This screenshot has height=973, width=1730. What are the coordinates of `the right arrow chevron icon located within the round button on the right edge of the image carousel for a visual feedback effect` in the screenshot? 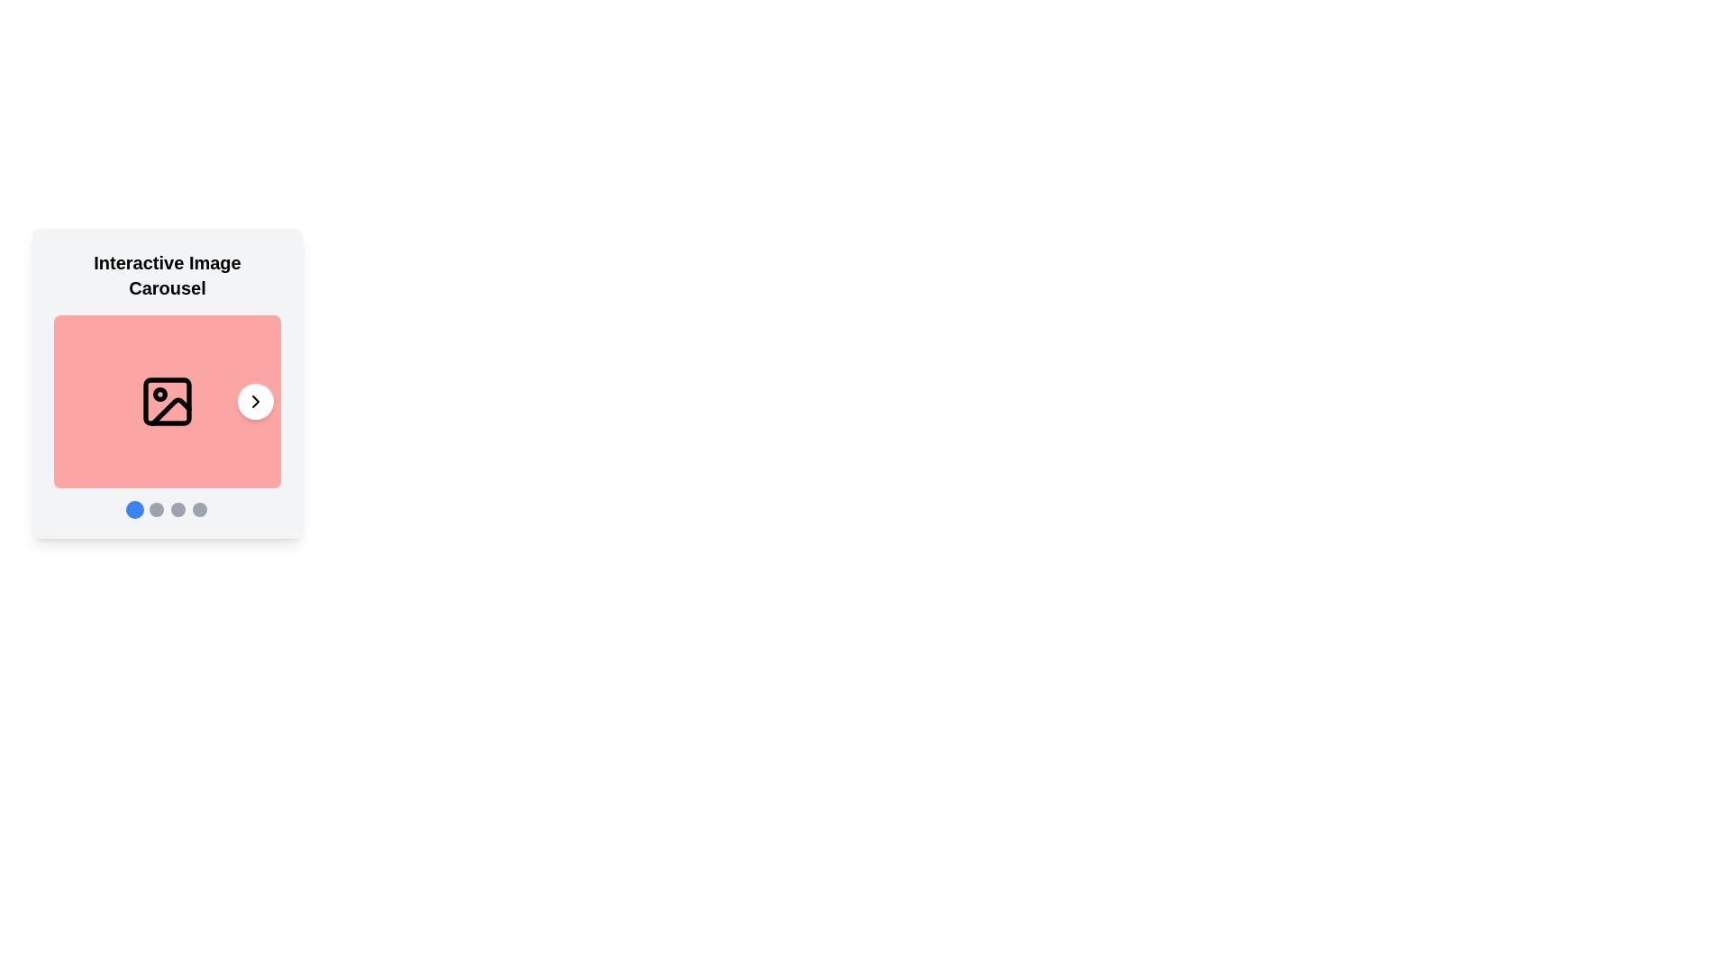 It's located at (254, 401).